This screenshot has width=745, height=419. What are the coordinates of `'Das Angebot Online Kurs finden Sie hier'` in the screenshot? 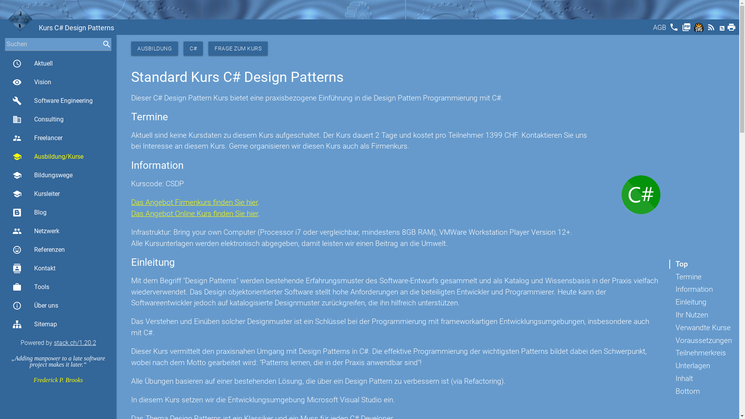 It's located at (194, 213).